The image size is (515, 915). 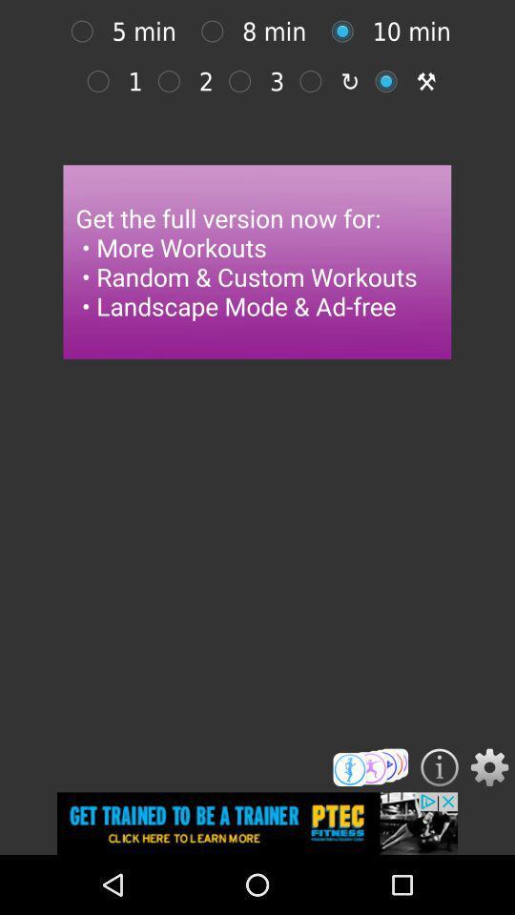 I want to click on 3, so click(x=316, y=81).